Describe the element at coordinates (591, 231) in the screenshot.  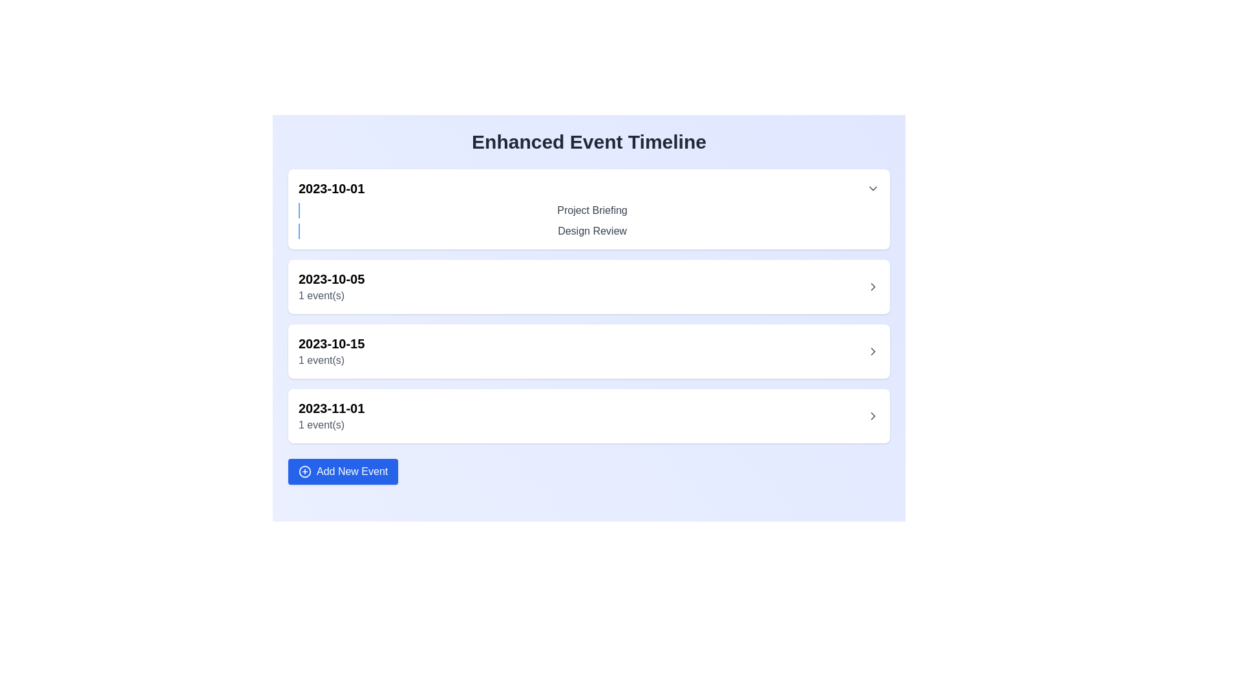
I see `the text label that serves as a title for an event in the timeline interface under the header '2023-10-01', positioned below 'Project Briefing'` at that location.